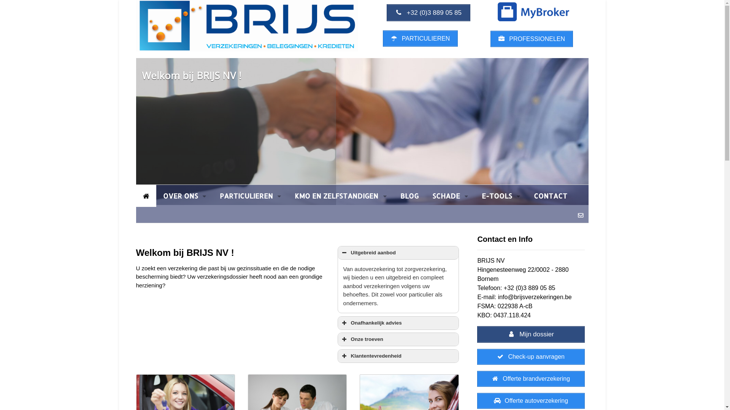 This screenshot has height=410, width=730. What do you see at coordinates (551, 196) in the screenshot?
I see `'CONTACT'` at bounding box center [551, 196].